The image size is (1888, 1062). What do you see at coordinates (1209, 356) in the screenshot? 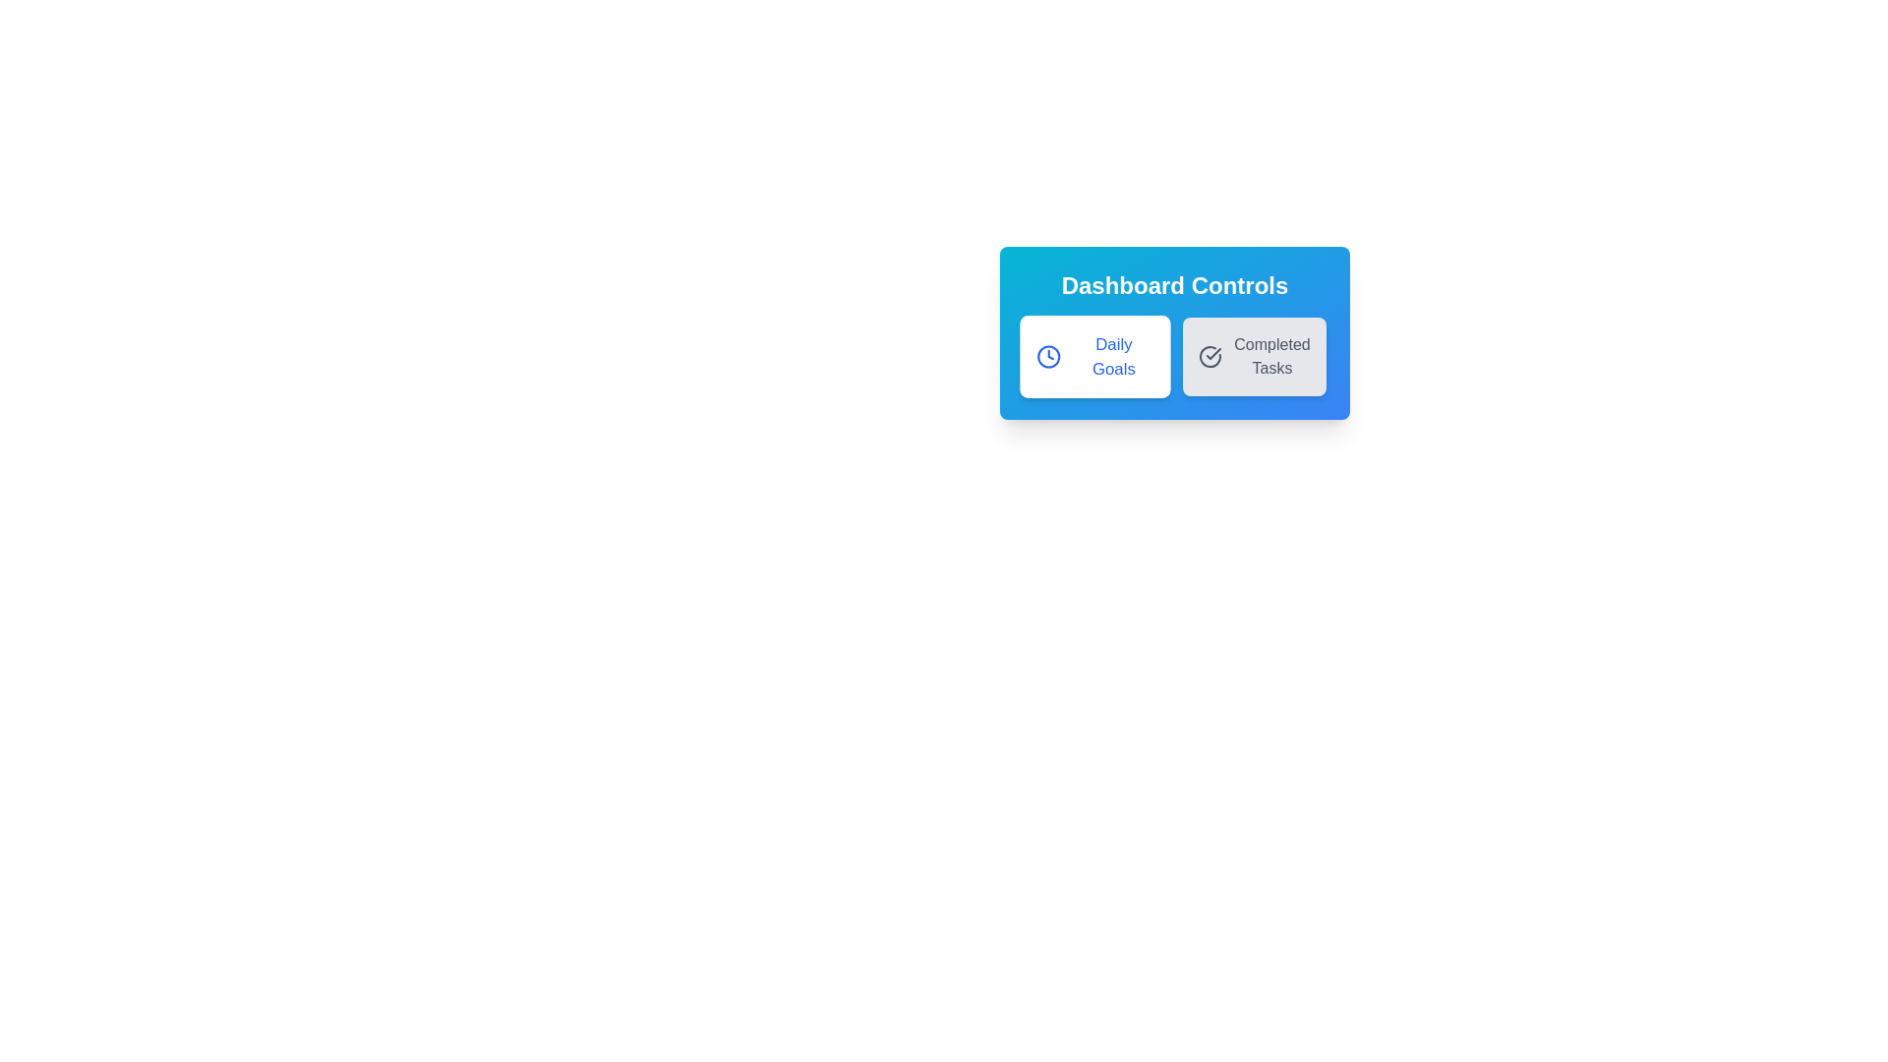
I see `the completion status icon located to the left of the 'Completed Tasks' button, which is situated to the right of the 'Daily Goals' button` at bounding box center [1209, 356].